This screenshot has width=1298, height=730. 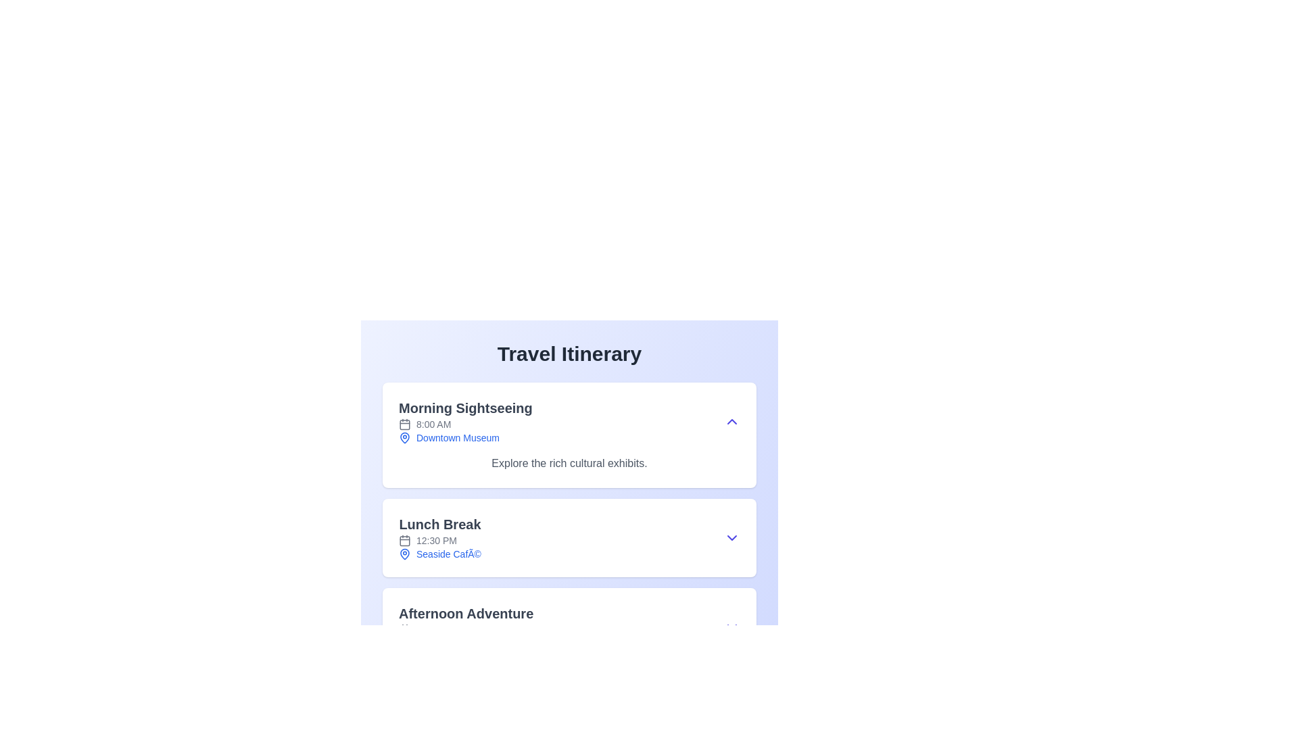 I want to click on text label displaying 'Downtown Museum' situated to the right of the map pin icon and below the '8:00 AM' time text in the itinerary section, so click(x=458, y=438).